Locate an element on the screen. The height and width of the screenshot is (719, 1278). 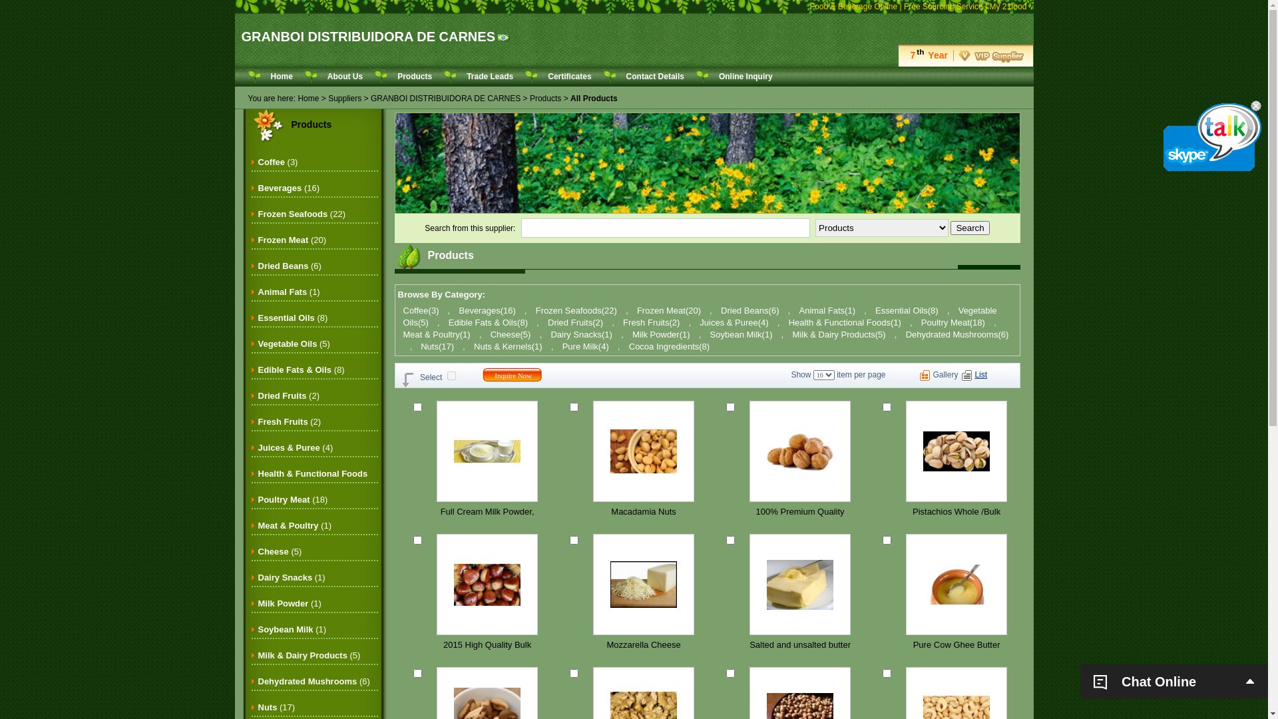
'Nuts(17)' is located at coordinates (420, 346).